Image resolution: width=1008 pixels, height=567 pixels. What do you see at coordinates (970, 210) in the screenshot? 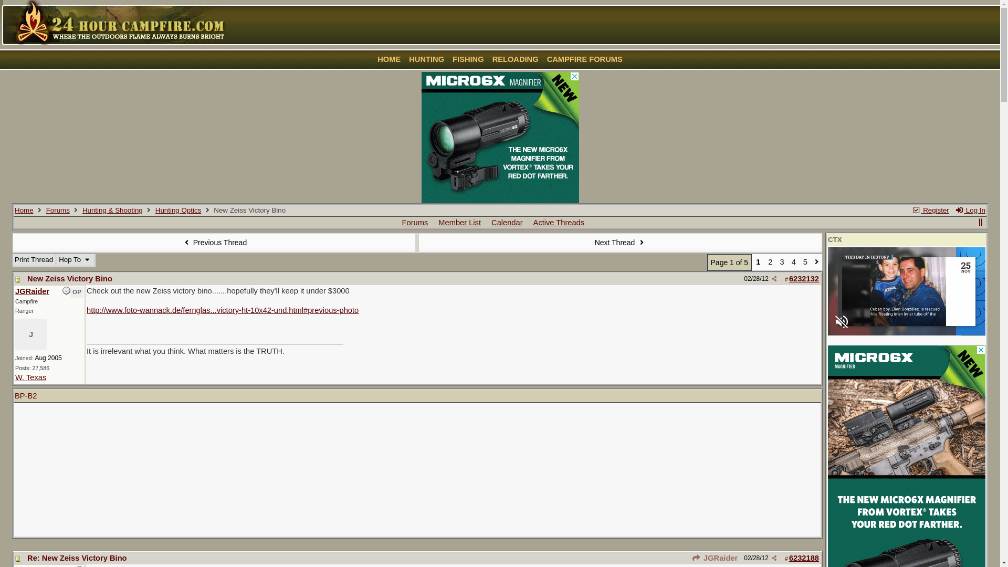
I see `'Log In'` at bounding box center [970, 210].